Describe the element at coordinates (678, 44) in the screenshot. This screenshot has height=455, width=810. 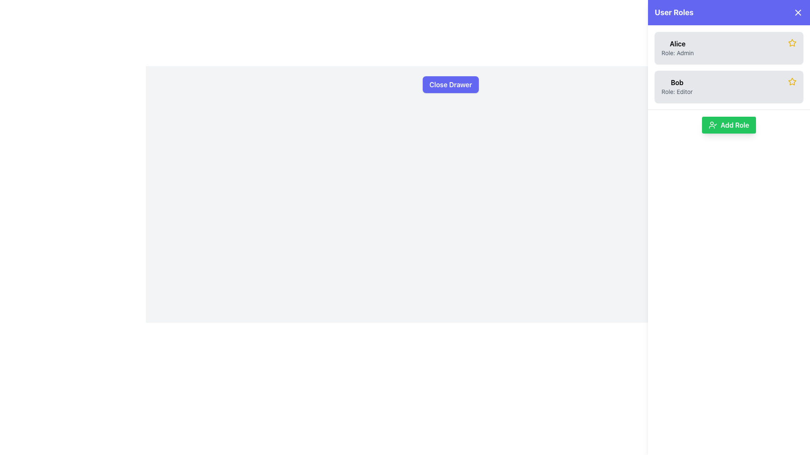
I see `the bold text element displaying the name 'Alice', which is the first item in the 'User Roles' section, positioned above the 'Admin' role text` at that location.